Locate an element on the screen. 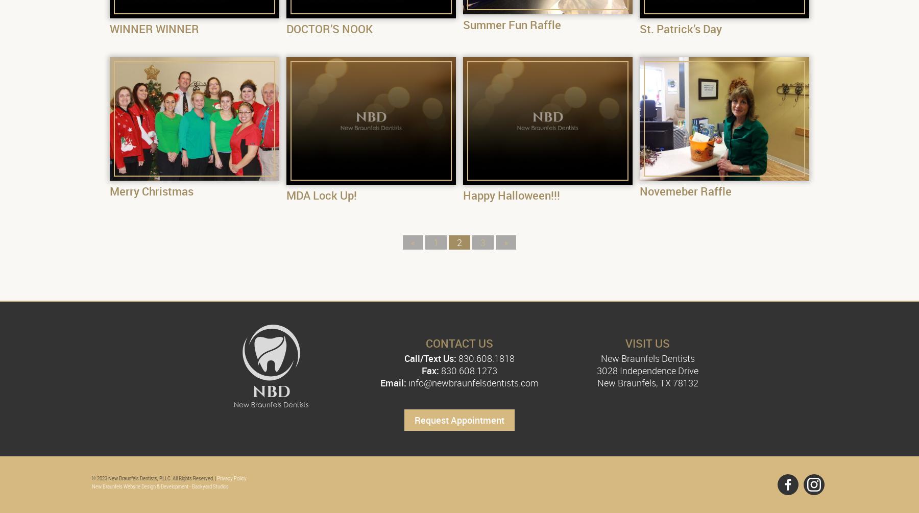 Image resolution: width=919 pixels, height=513 pixels. '© 2023 New Braunfels Dentists, PLLC. All Rights Reserved. |' is located at coordinates (154, 477).